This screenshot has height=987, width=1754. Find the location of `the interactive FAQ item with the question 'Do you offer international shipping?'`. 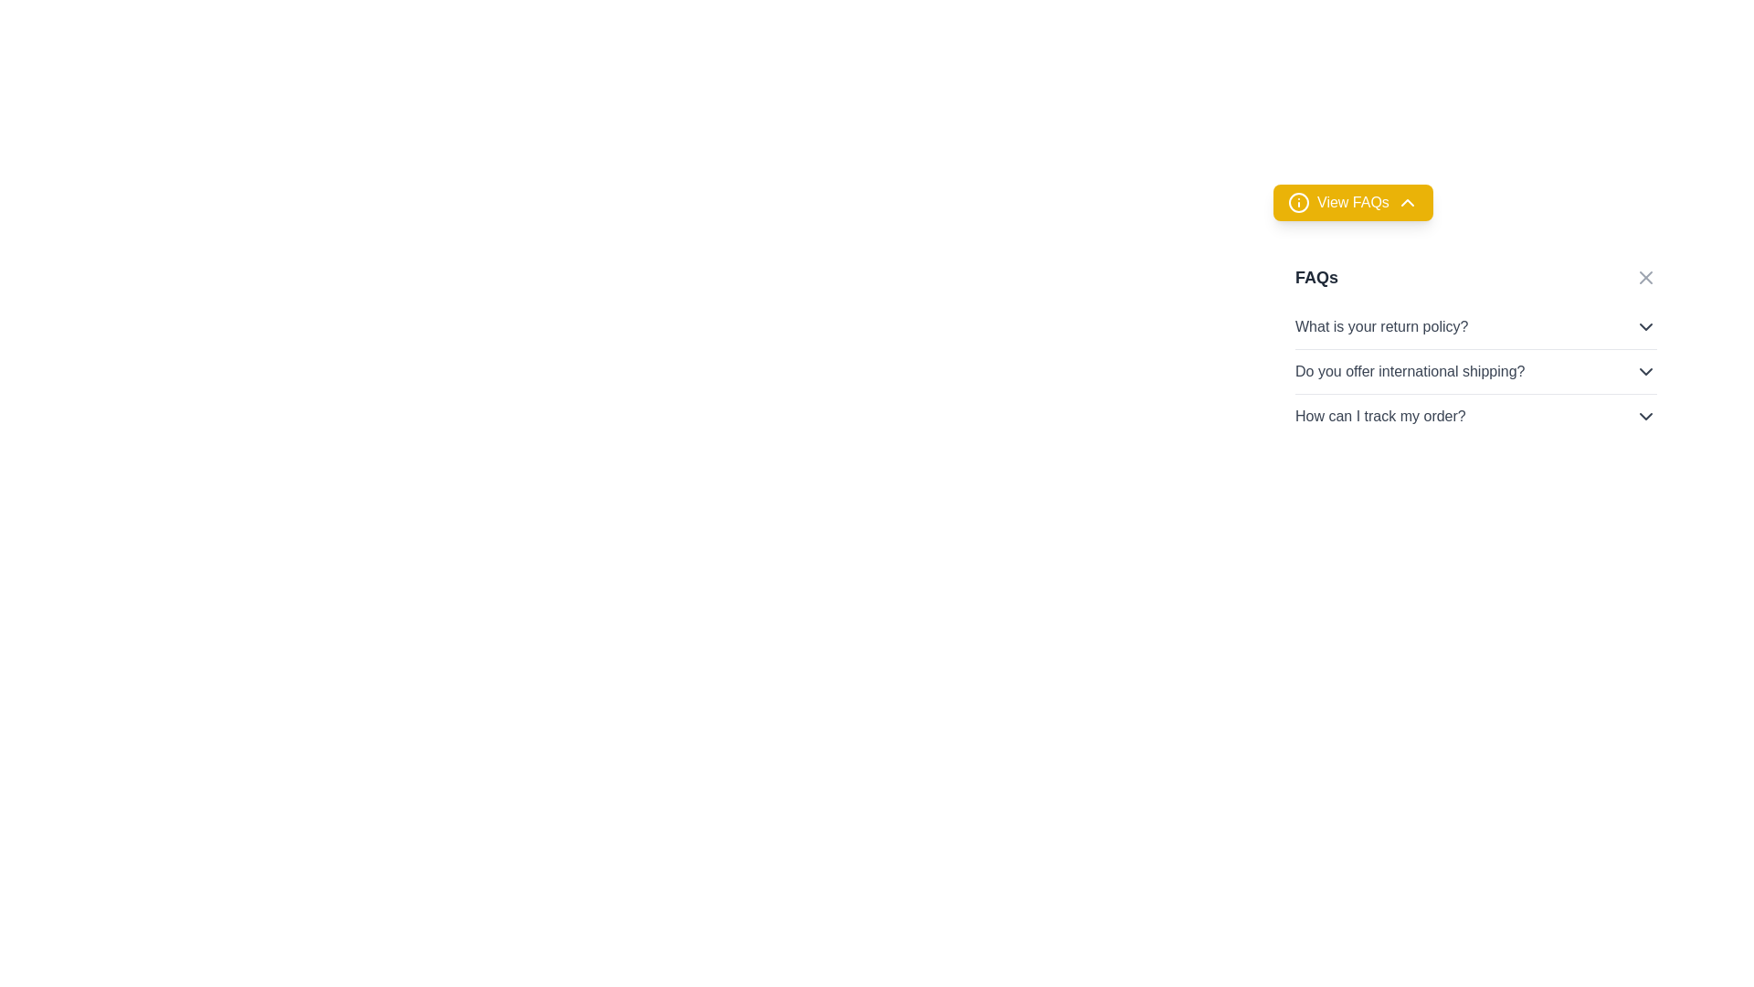

the interactive FAQ item with the question 'Do you offer international shipping?' is located at coordinates (1476, 371).